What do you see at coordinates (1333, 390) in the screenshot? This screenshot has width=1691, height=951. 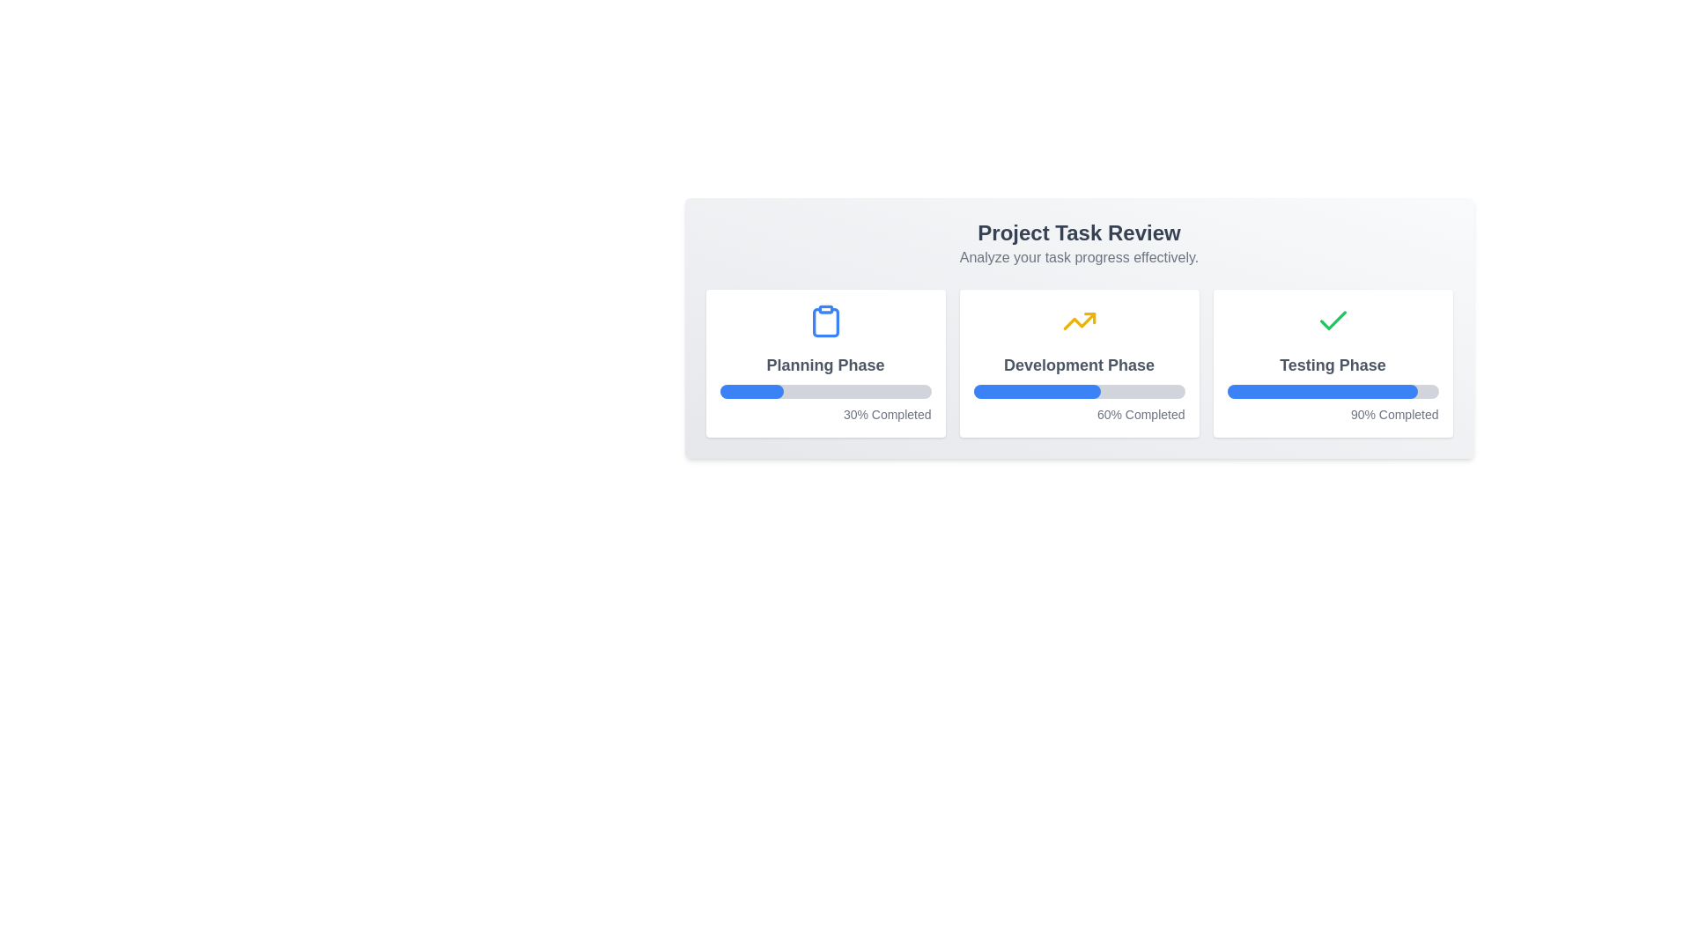 I see `the horizontal progress bar located in the 'Testing Phase' card, which shows a progress level of 90%` at bounding box center [1333, 390].